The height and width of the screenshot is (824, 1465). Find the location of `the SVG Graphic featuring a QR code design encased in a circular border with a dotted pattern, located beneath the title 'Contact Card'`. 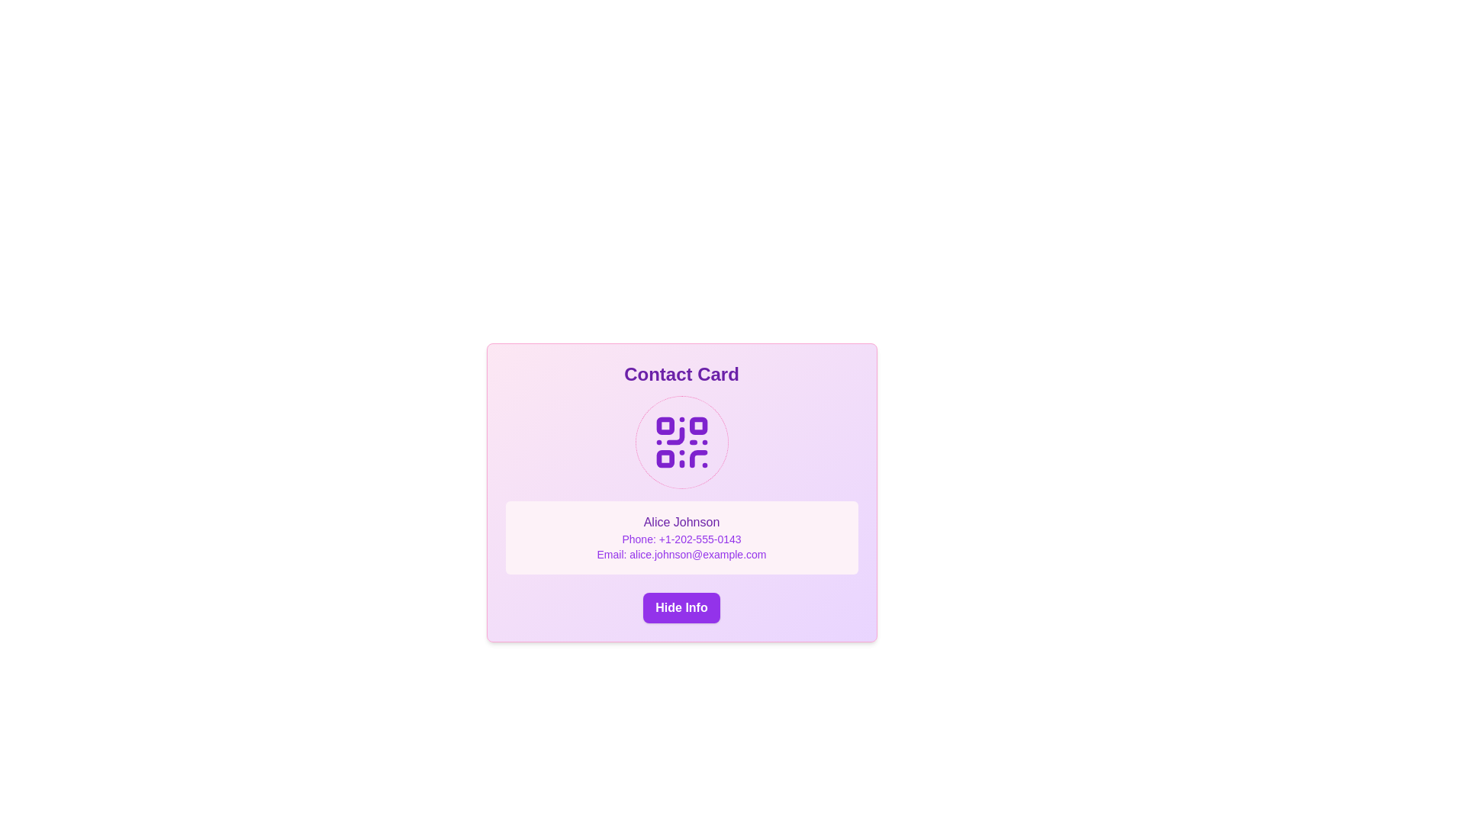

the SVG Graphic featuring a QR code design encased in a circular border with a dotted pattern, located beneath the title 'Contact Card' is located at coordinates (681, 442).